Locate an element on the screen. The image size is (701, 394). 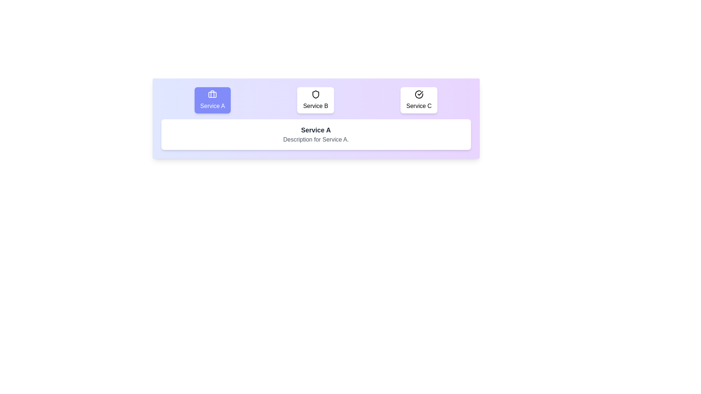
the interactive 'Service C' text label, which is styled with a standard font and located below a checkmark icon, as it leads to more details about Service C is located at coordinates (419, 106).